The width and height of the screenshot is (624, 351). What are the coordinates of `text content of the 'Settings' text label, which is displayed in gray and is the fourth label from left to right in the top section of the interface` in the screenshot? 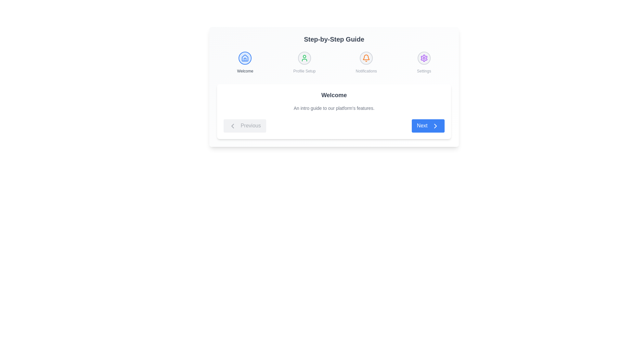 It's located at (424, 71).